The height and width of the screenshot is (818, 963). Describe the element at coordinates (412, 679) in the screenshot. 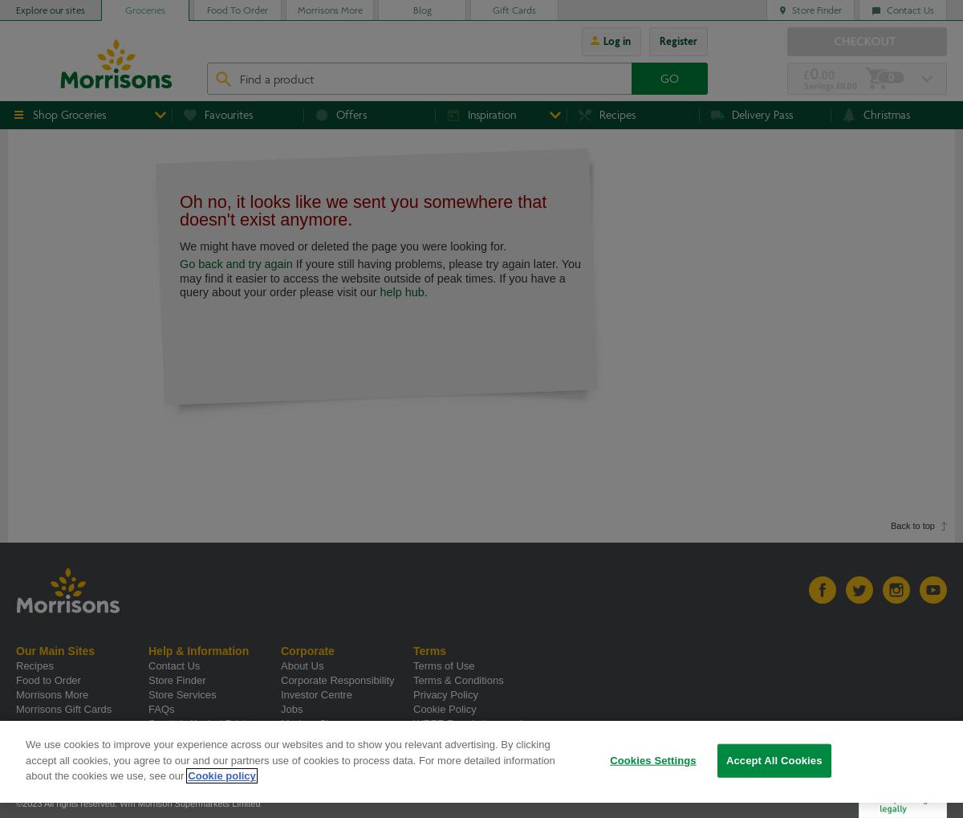

I see `'Terms & Conditions'` at that location.